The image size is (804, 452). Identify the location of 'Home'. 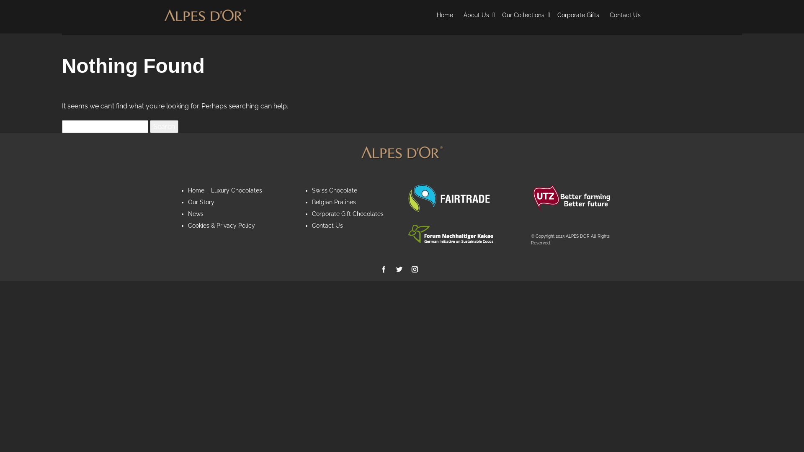
(444, 15).